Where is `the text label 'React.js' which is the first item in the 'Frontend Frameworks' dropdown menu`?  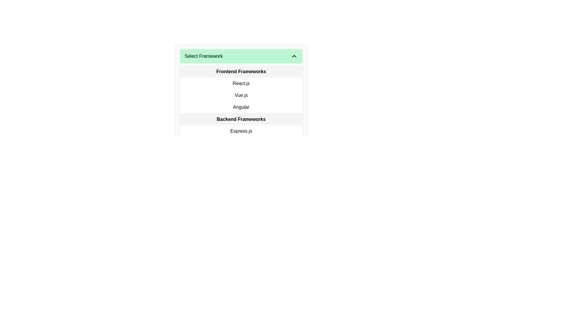
the text label 'React.js' which is the first item in the 'Frontend Frameworks' dropdown menu is located at coordinates (241, 83).